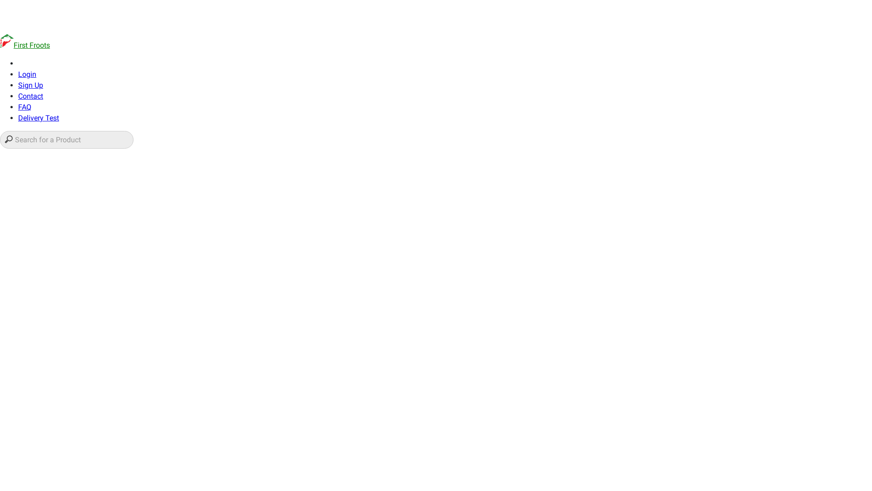  I want to click on 'Login', so click(27, 74).